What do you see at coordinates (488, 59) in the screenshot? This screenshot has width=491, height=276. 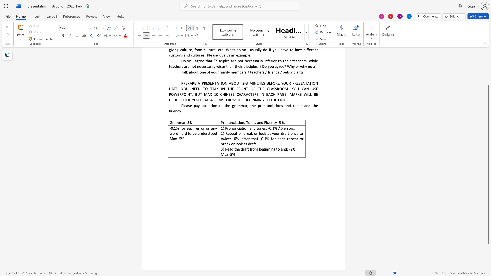 I see `the scrollbar to scroll the page up` at bounding box center [488, 59].